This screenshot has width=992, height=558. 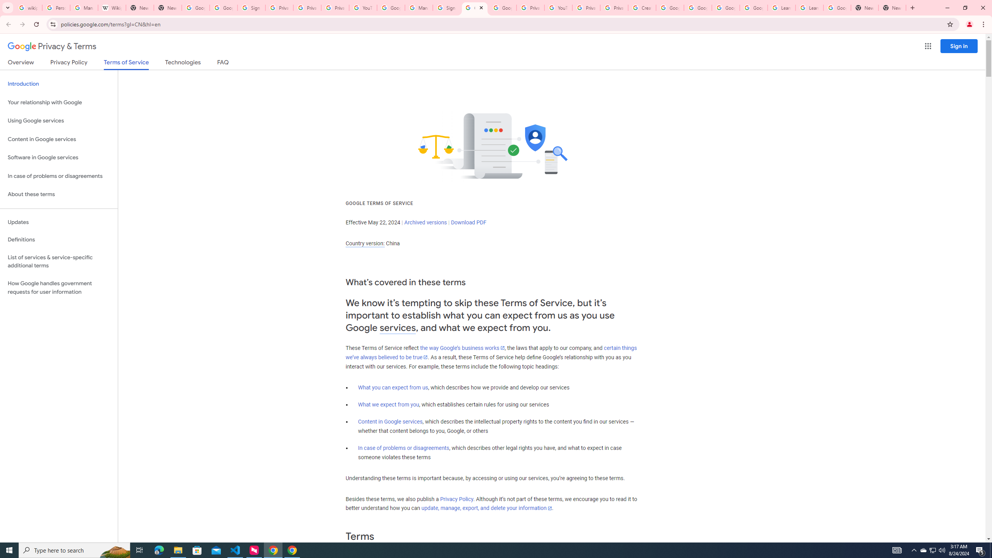 What do you see at coordinates (112, 7) in the screenshot?
I see `'Wikipedia:Edit requests - Wikipedia'` at bounding box center [112, 7].